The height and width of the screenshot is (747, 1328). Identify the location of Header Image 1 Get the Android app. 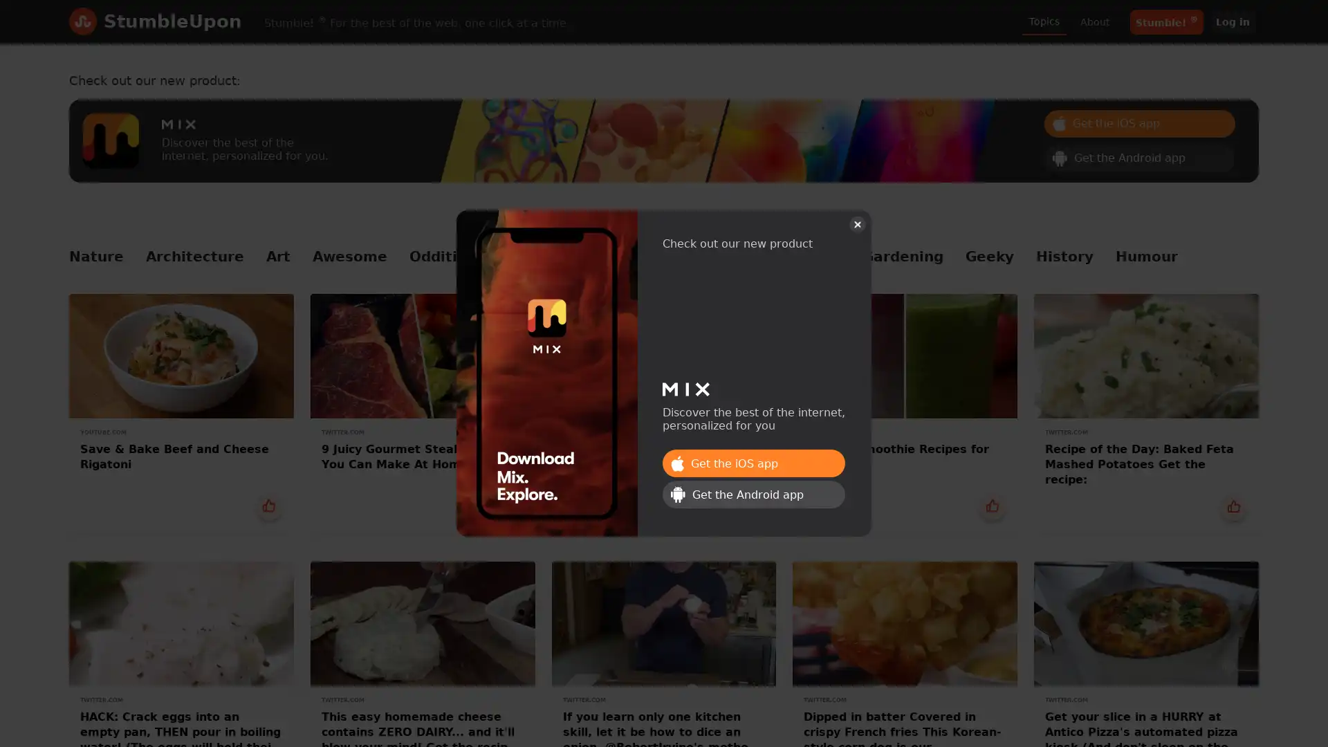
(753, 493).